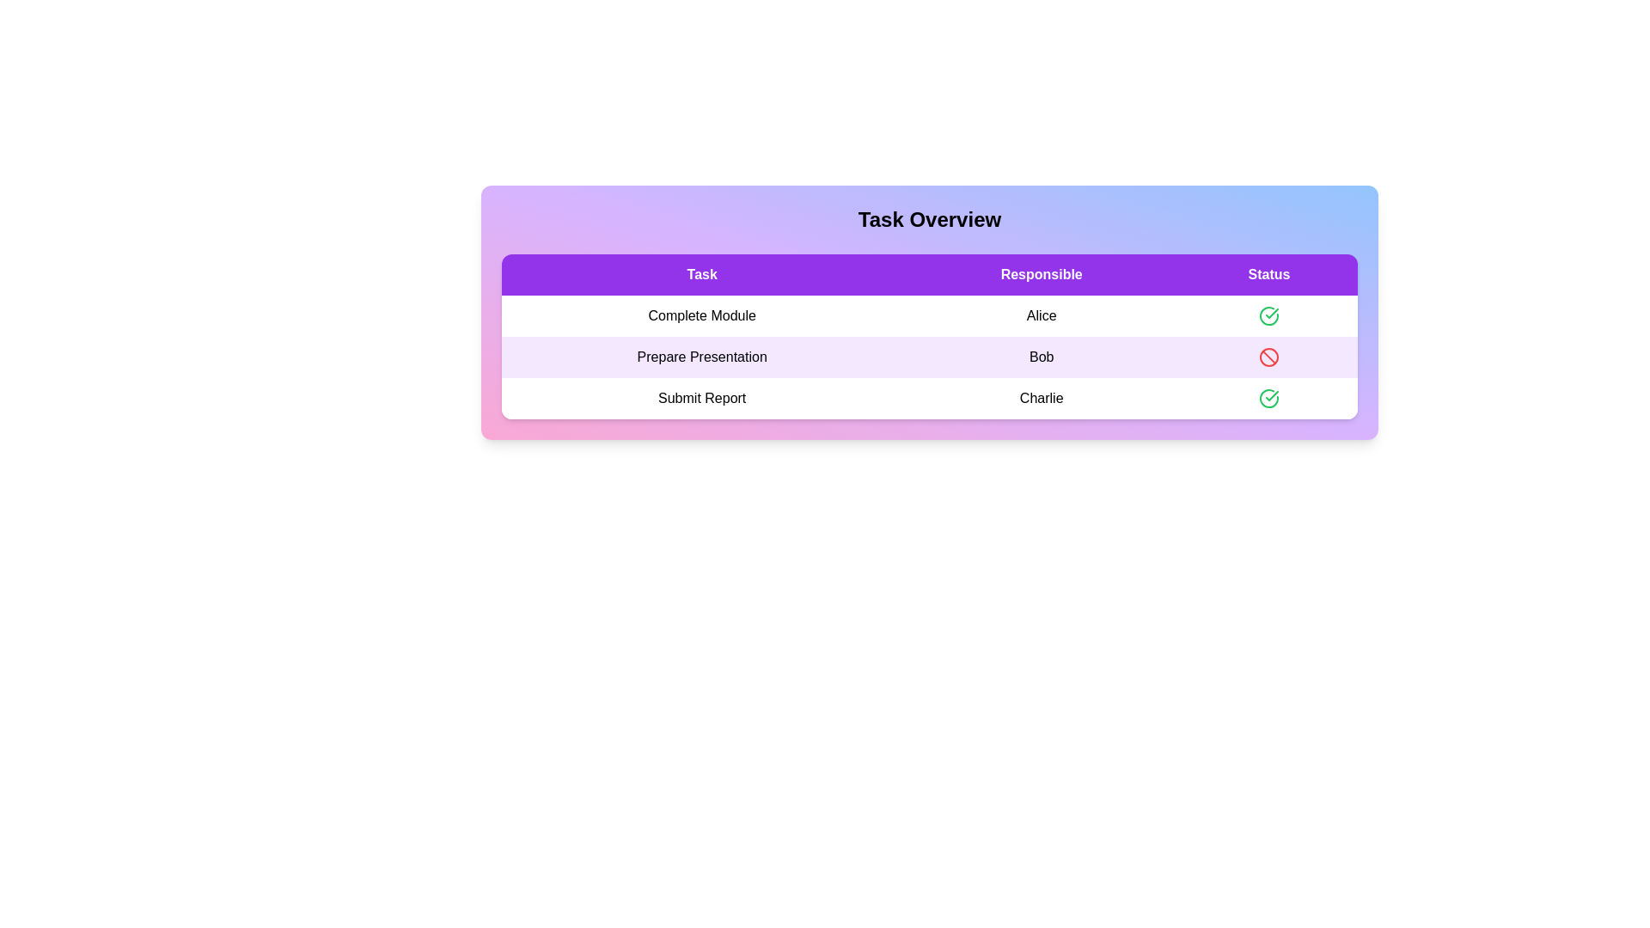 The image size is (1650, 928). Describe the element at coordinates (928, 218) in the screenshot. I see `the headline text labeled 'Task Overview', which is styled in bold and large font, located at the top of a gradient background that transitions from pink to purple to blue` at that location.